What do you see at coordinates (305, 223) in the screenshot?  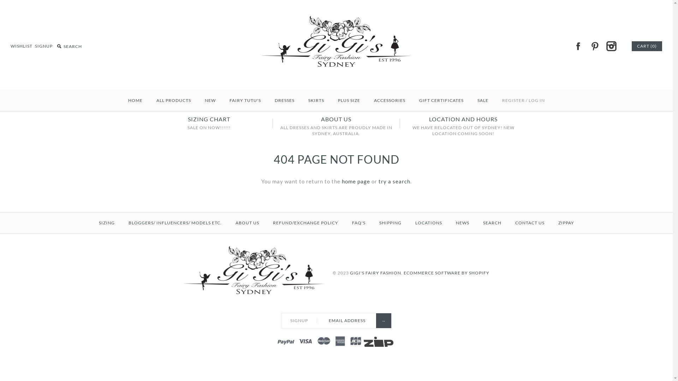 I see `'REFUND/EXCHANGE POLICY'` at bounding box center [305, 223].